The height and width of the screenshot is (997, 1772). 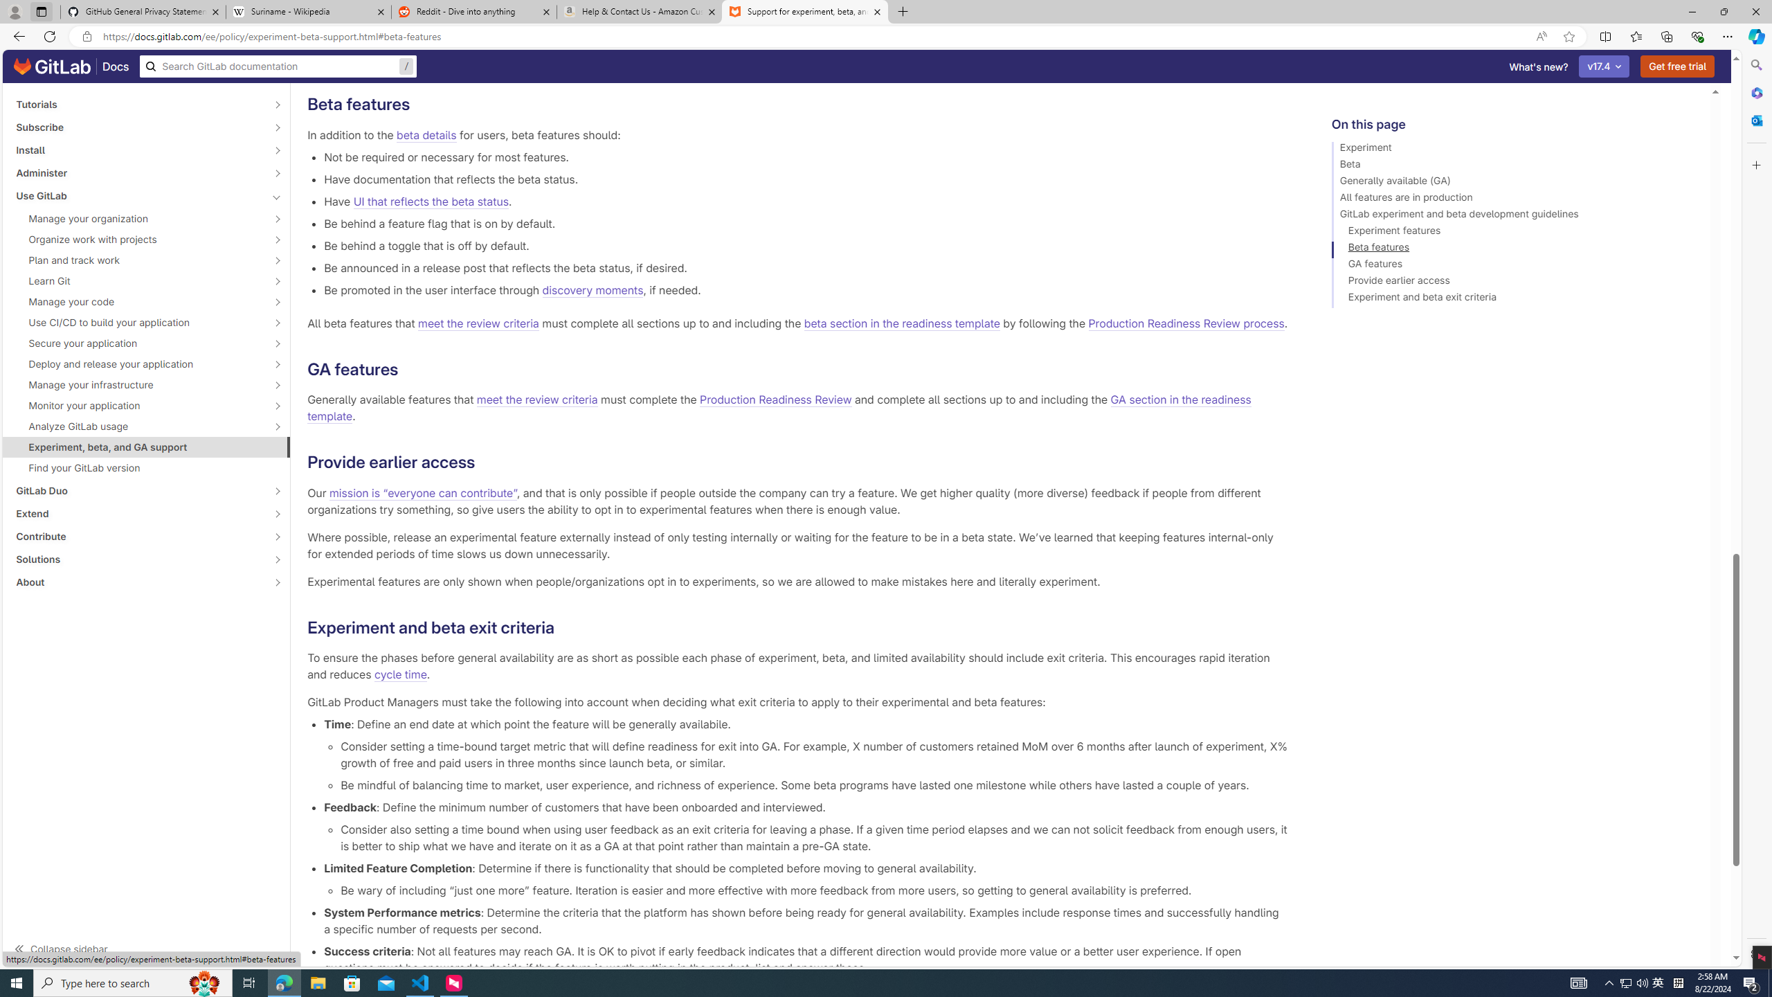 I want to click on 'Be behind a feature flag that is on by default.', so click(x=805, y=222).